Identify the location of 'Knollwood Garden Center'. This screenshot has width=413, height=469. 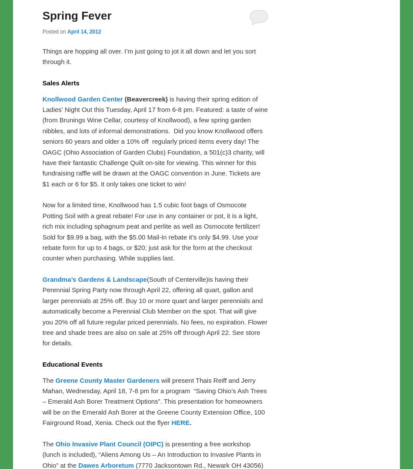
(82, 98).